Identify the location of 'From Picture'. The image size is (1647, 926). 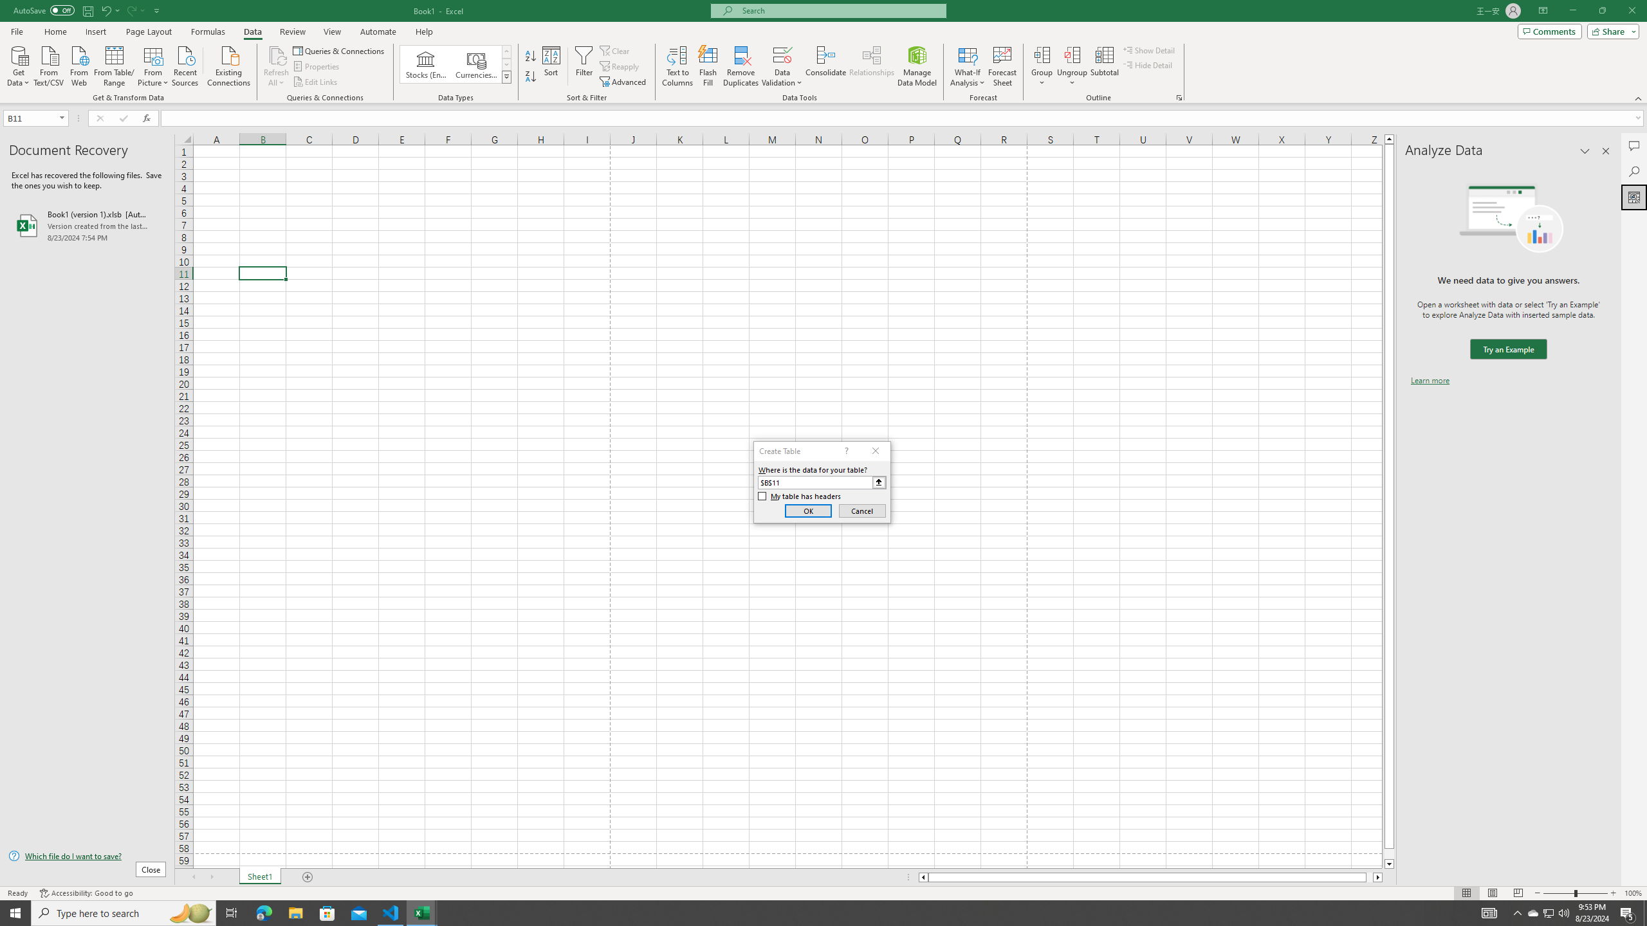
(154, 64).